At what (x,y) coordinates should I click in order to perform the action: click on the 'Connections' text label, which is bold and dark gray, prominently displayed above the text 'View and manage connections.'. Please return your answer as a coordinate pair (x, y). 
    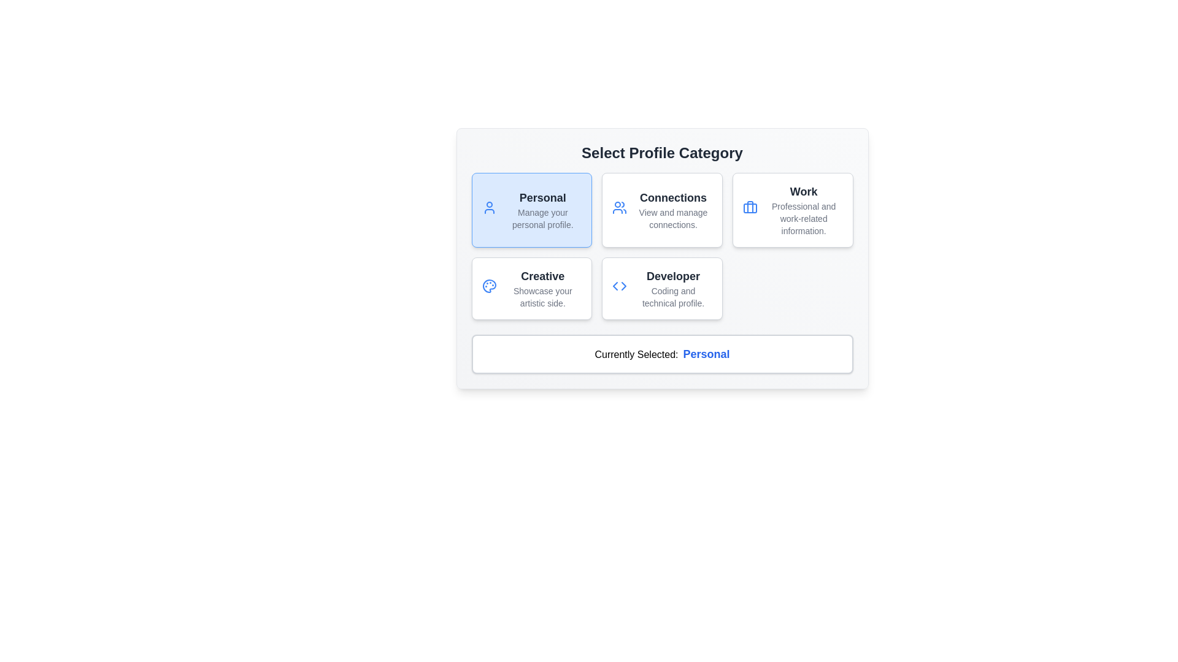
    Looking at the image, I should click on (672, 197).